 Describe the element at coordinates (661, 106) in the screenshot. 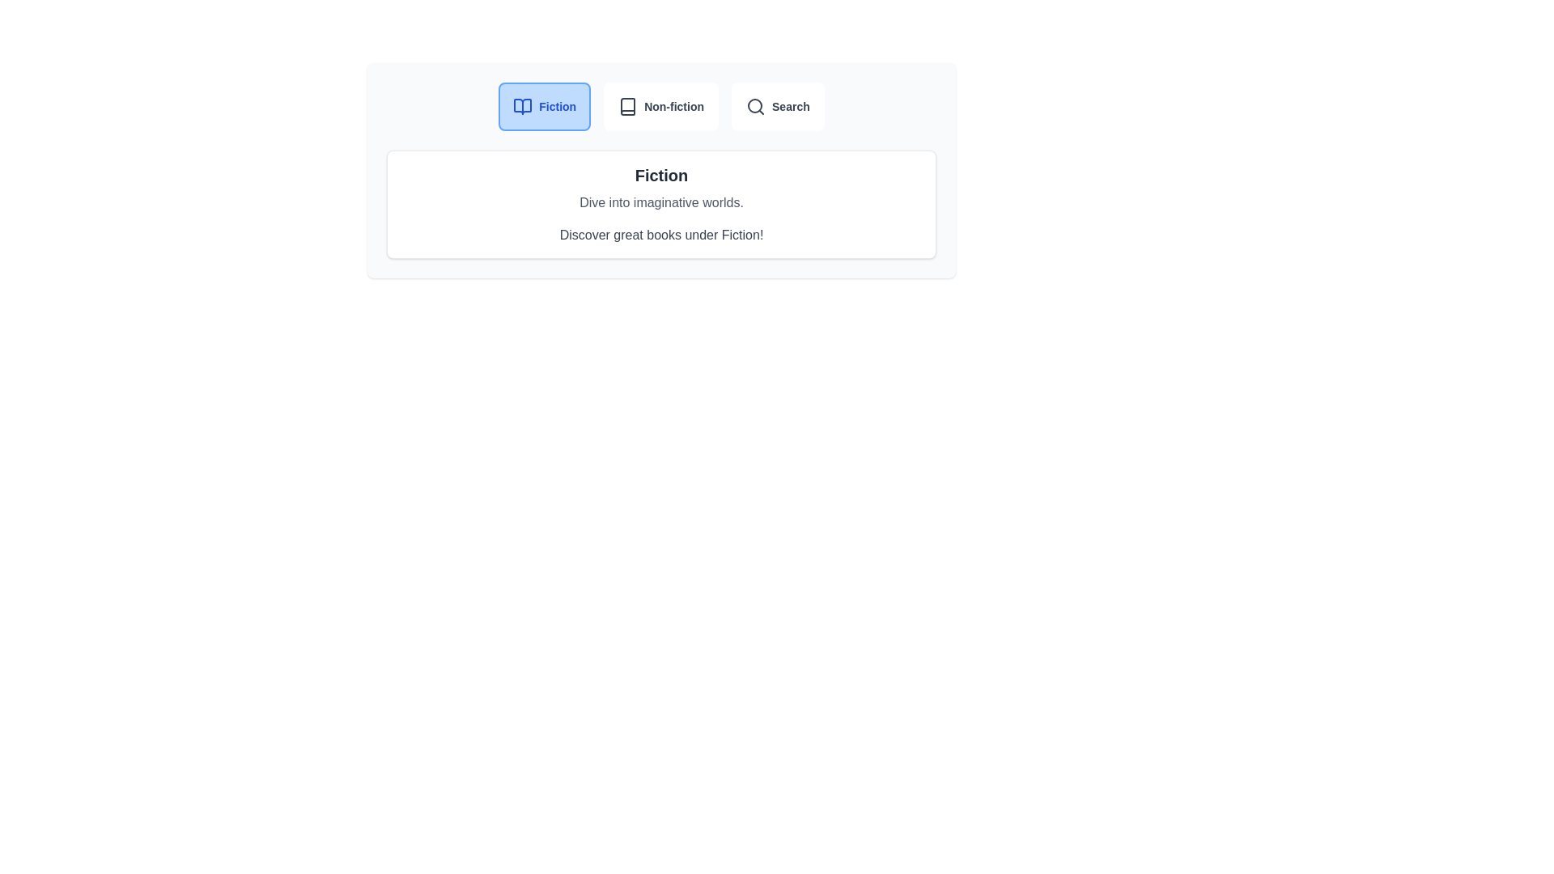

I see `the 'Non-fiction' button, which is the second button in a group of three buttons, to observe the background color change` at that location.